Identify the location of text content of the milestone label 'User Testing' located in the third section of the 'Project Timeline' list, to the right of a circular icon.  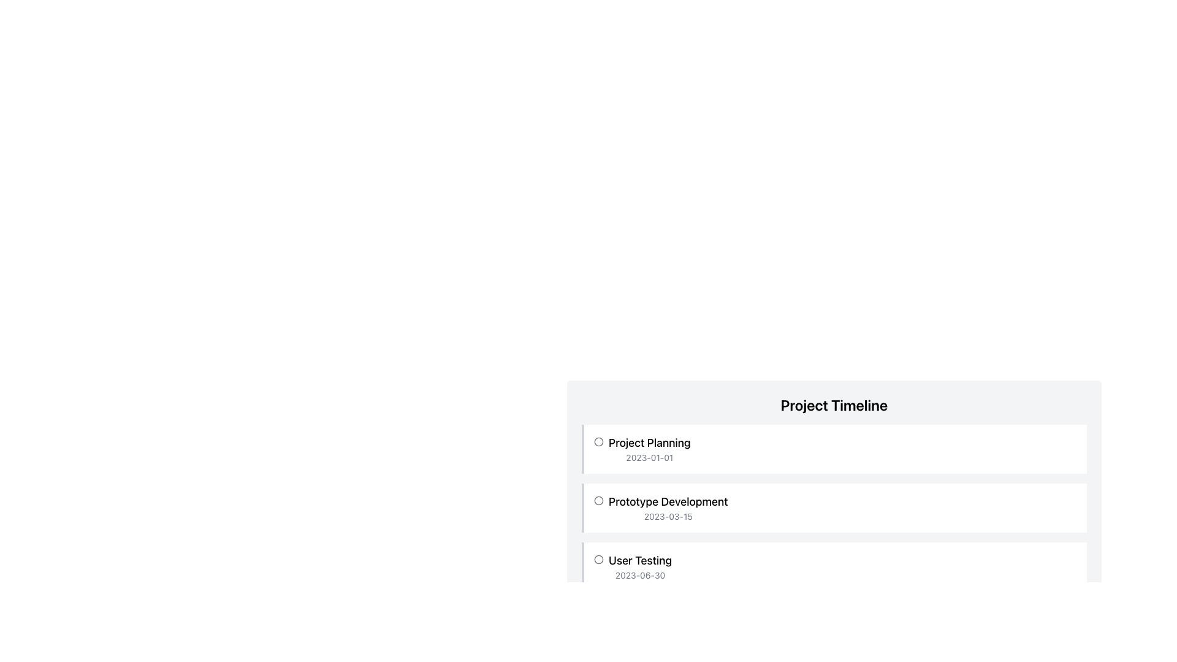
(639, 567).